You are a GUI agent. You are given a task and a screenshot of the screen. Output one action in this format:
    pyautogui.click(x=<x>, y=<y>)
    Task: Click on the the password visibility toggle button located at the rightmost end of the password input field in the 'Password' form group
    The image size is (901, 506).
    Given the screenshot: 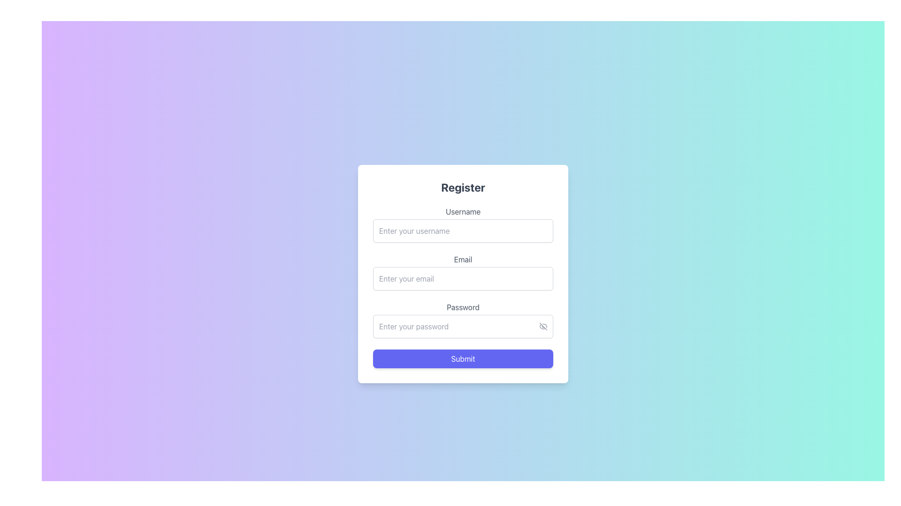 What is the action you would take?
    pyautogui.click(x=543, y=326)
    